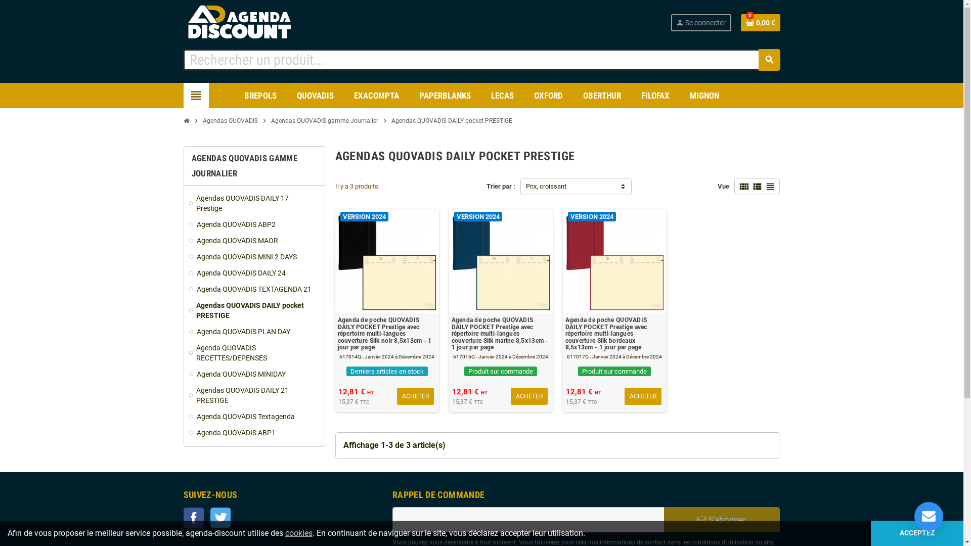  Describe the element at coordinates (298, 532) in the screenshot. I see `'cookies'` at that location.